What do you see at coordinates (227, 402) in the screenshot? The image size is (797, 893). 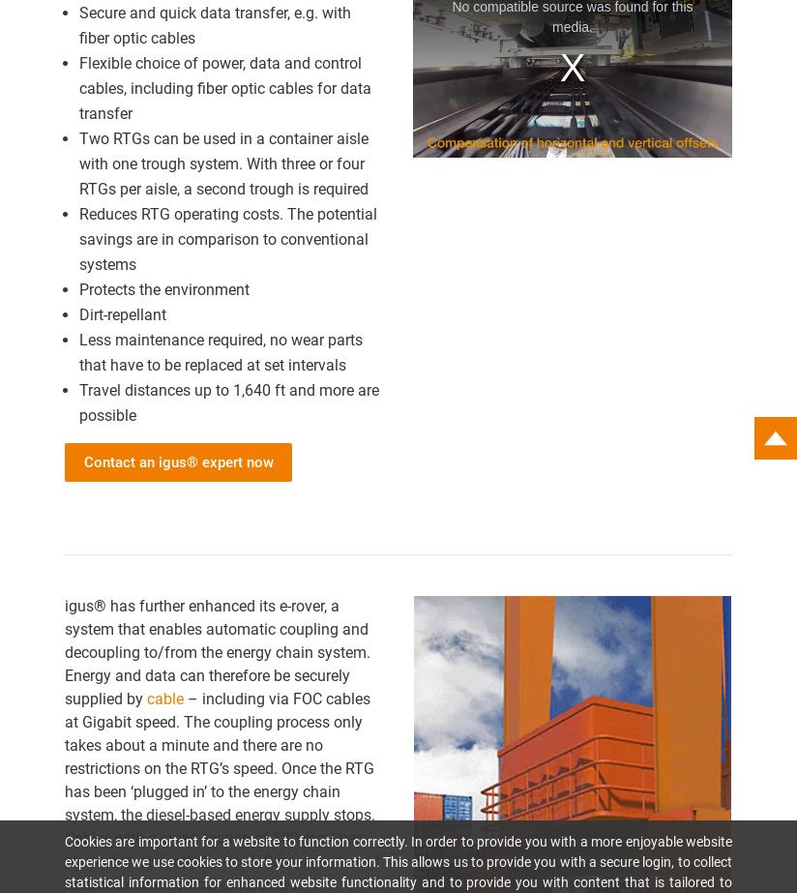 I see `'Travel distances up to 1,640 ft and more are possible'` at bounding box center [227, 402].